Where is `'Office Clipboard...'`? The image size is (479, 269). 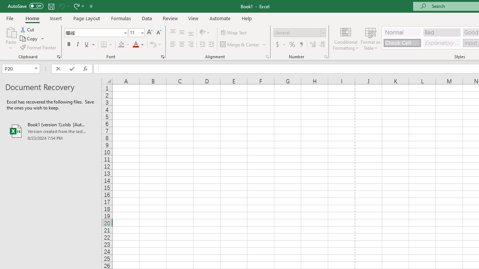 'Office Clipboard...' is located at coordinates (58, 56).